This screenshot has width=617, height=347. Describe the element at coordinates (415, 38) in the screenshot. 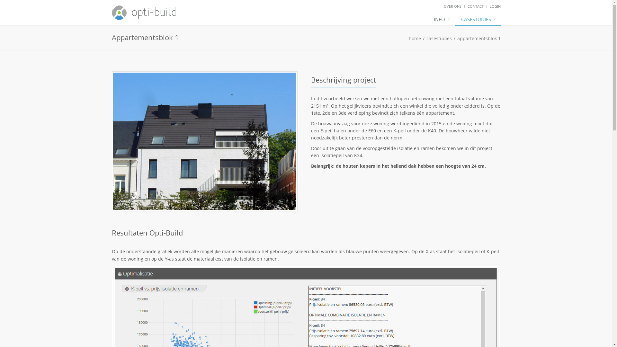

I see `'home'` at that location.